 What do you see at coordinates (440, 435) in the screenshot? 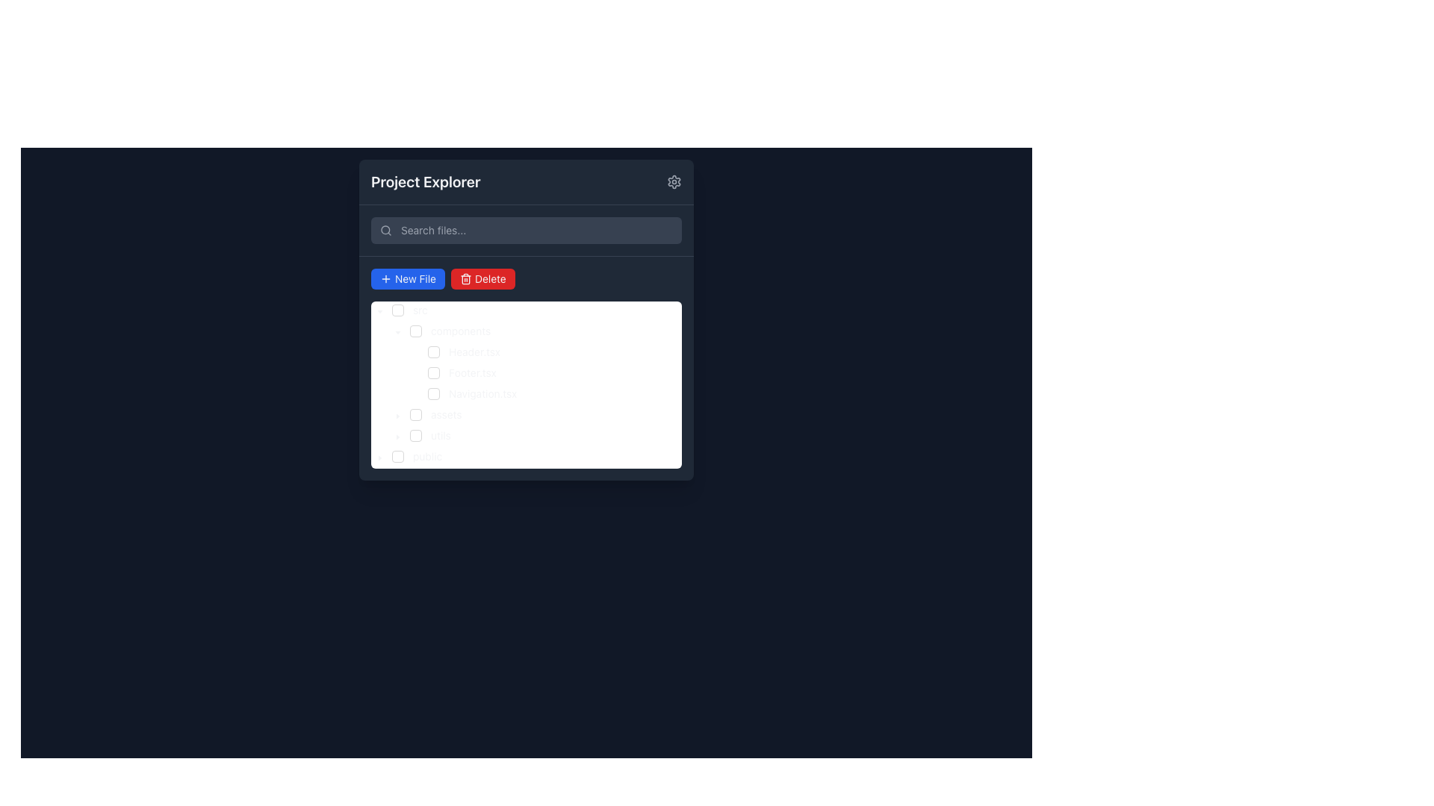
I see `the 'utils' tree node item in the Project Explorer` at bounding box center [440, 435].